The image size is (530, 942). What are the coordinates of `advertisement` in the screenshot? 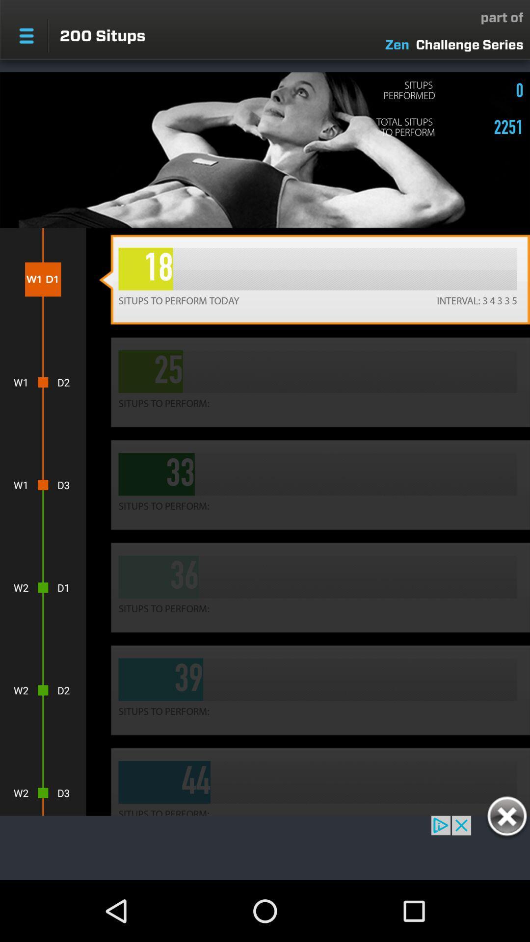 It's located at (506, 818).